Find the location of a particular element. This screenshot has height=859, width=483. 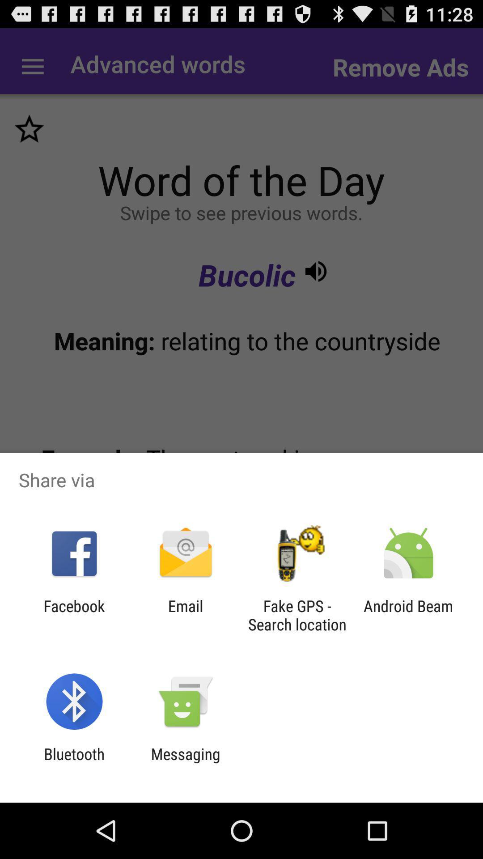

item to the right of the bluetooth item is located at coordinates (185, 763).